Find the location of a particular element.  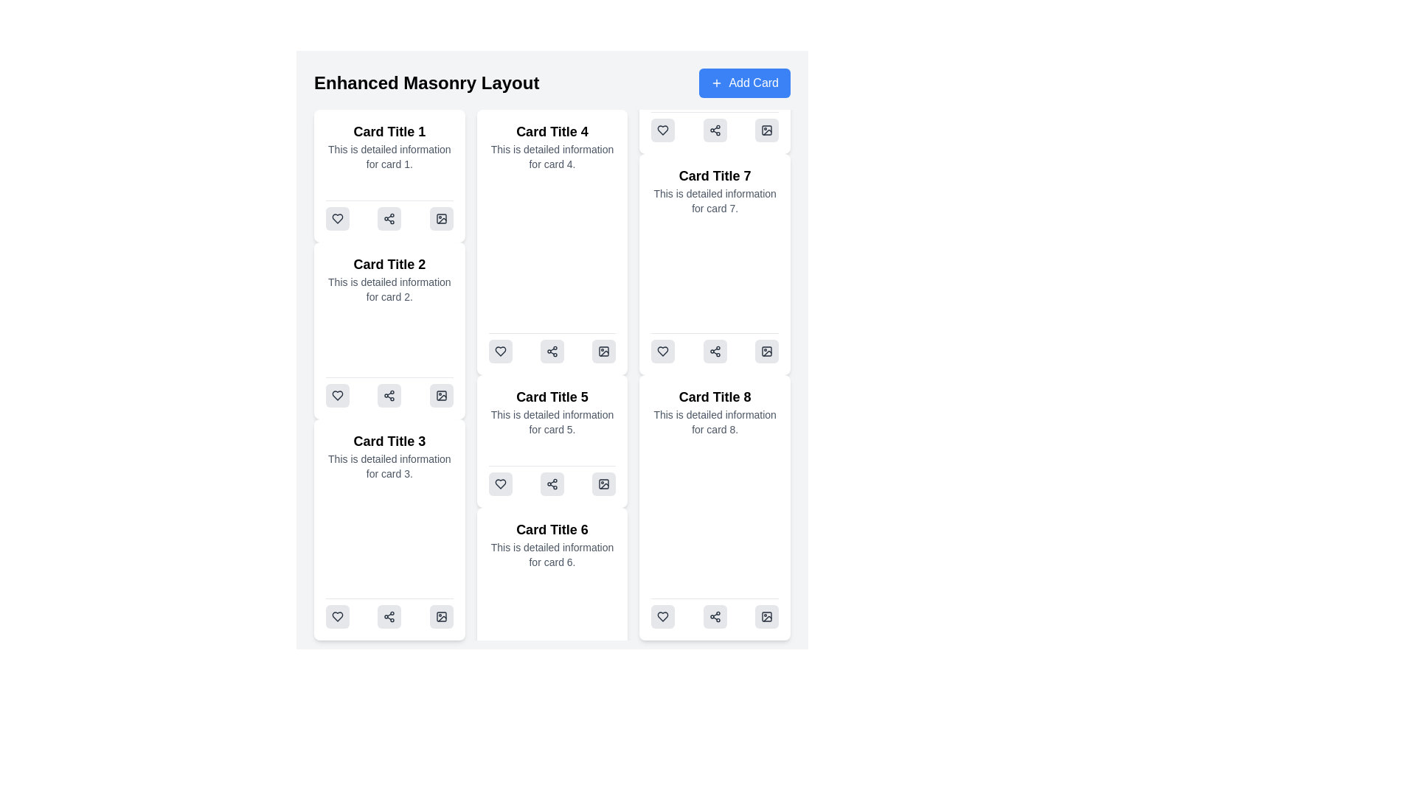

the second button in the horizontal row below the card labeled 'Card Title 5' to initiate the share action is located at coordinates (551, 483).